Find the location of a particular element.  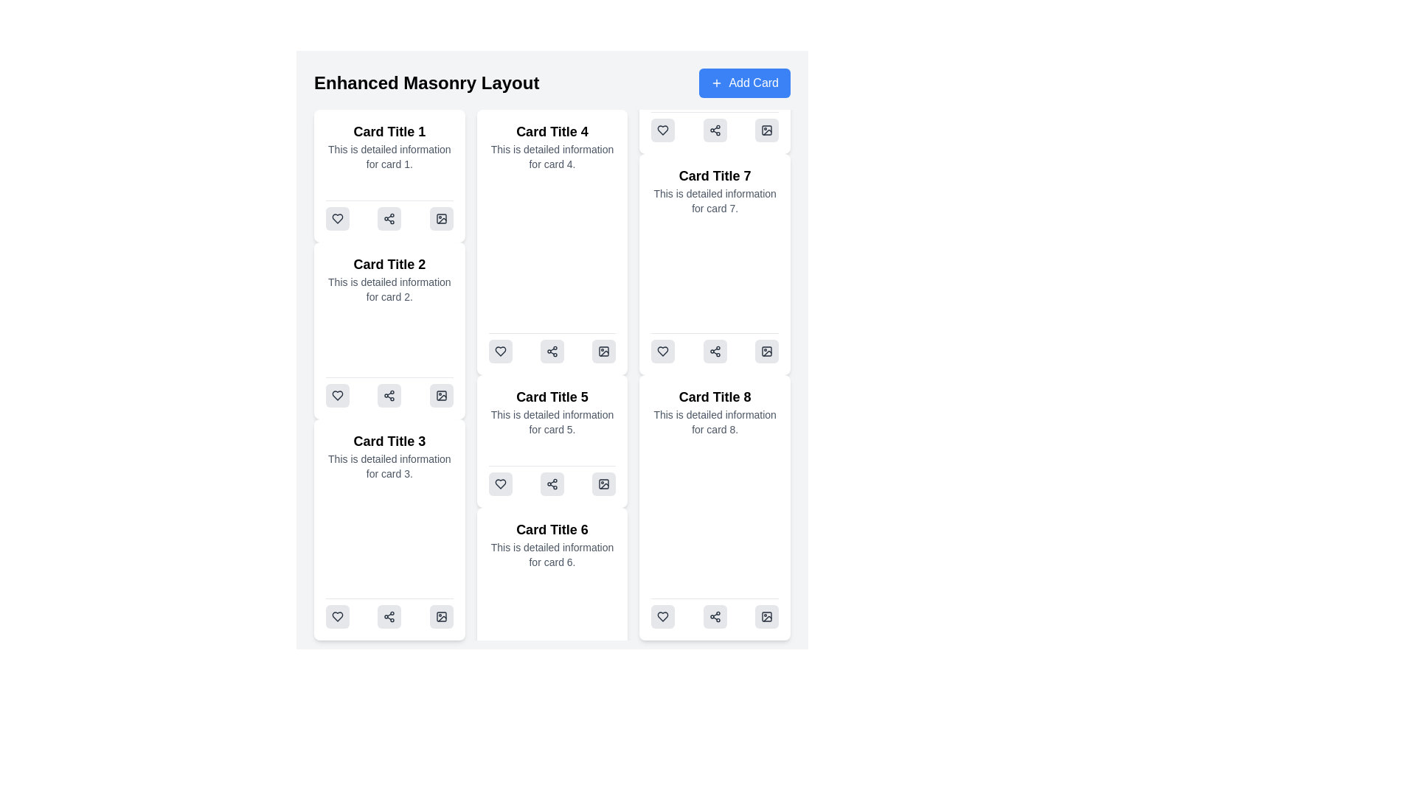

the second button in the horizontal row below the card labeled 'Card Title 5' to initiate the share action is located at coordinates (551, 483).